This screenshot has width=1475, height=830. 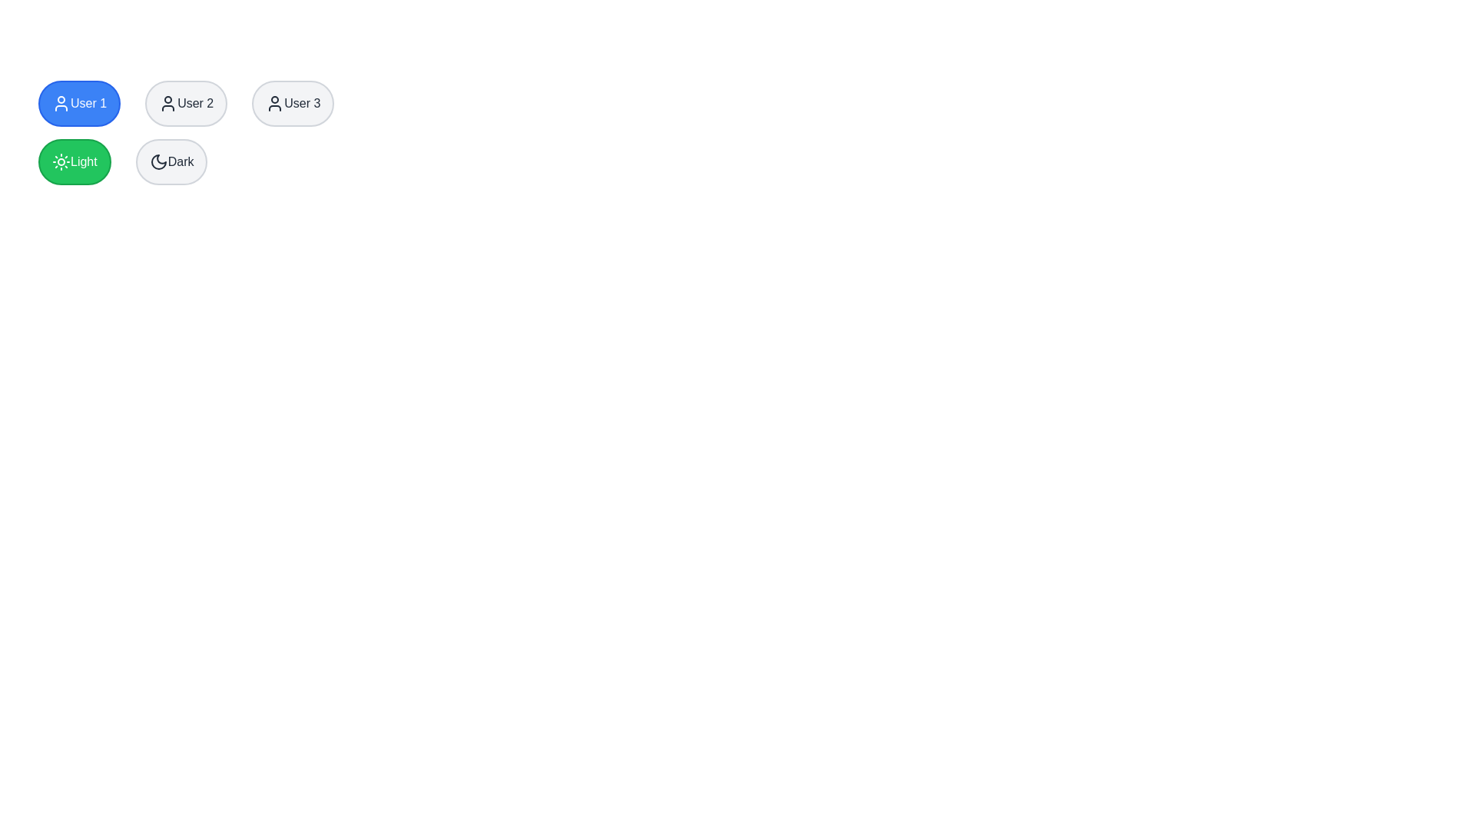 I want to click on the moon-like icon which is part of the 'Dark' button, located in the second row of the interface, so click(x=158, y=162).